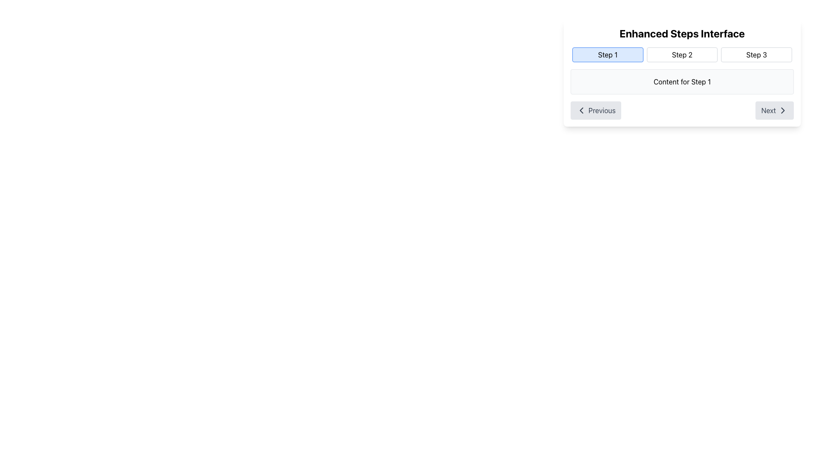  What do you see at coordinates (582, 110) in the screenshot?
I see `the left-pointing chevron arrow icon within the 'Previous' button` at bounding box center [582, 110].